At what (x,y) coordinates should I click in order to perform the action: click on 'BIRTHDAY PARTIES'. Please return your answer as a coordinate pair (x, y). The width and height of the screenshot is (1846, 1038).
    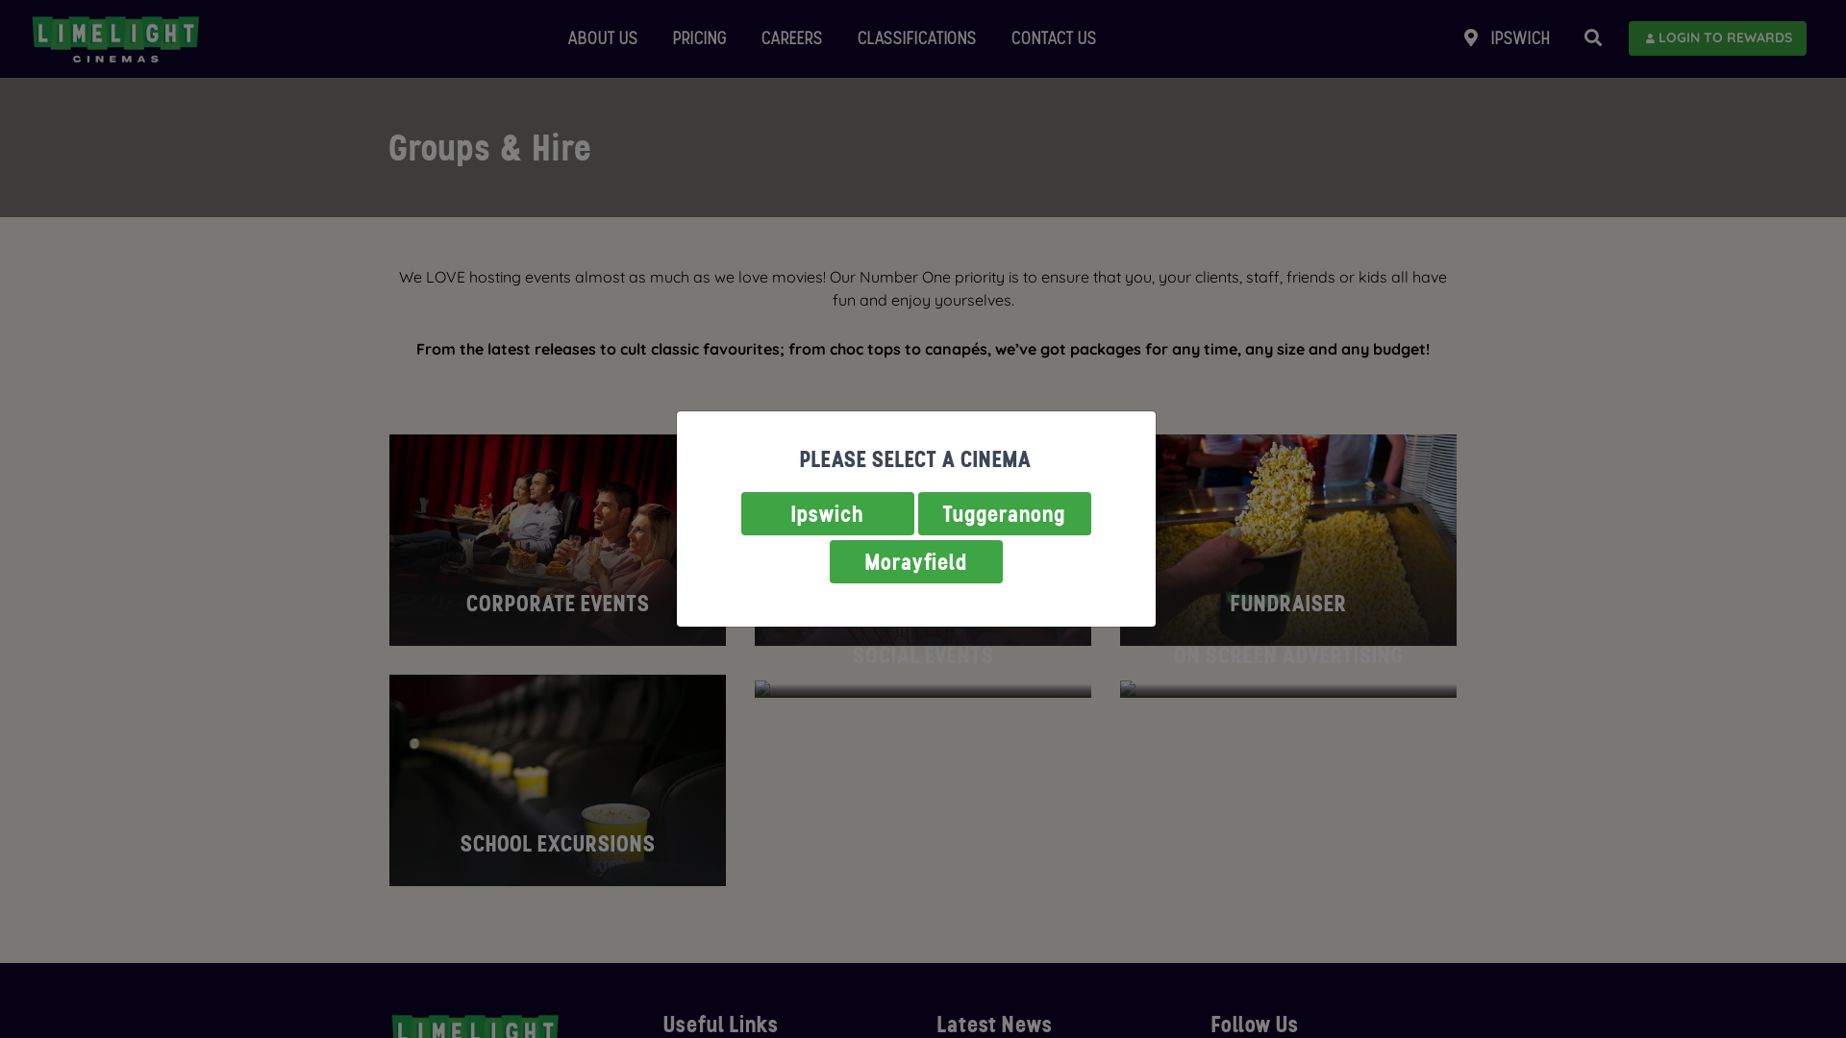
    Looking at the image, I should click on (923, 540).